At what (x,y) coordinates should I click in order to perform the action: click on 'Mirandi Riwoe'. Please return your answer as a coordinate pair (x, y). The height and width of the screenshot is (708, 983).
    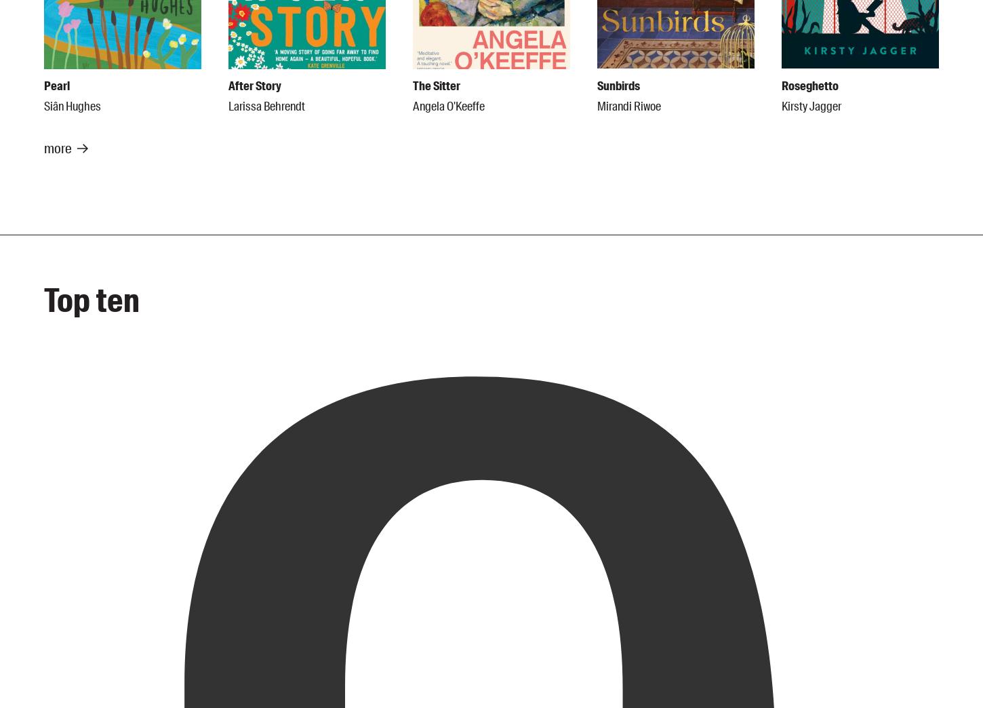
    Looking at the image, I should click on (628, 106).